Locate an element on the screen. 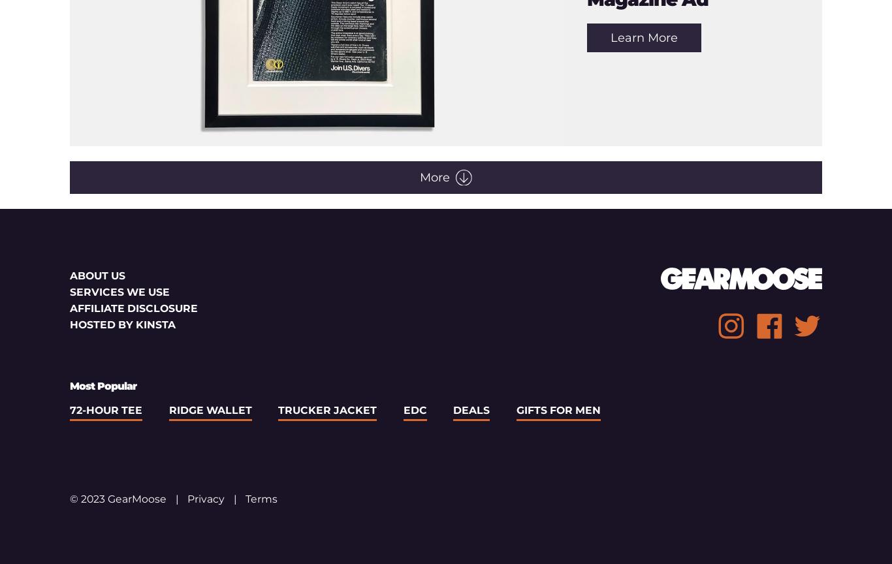 The image size is (892, 564). 'Affiliate Disclosure' is located at coordinates (133, 308).